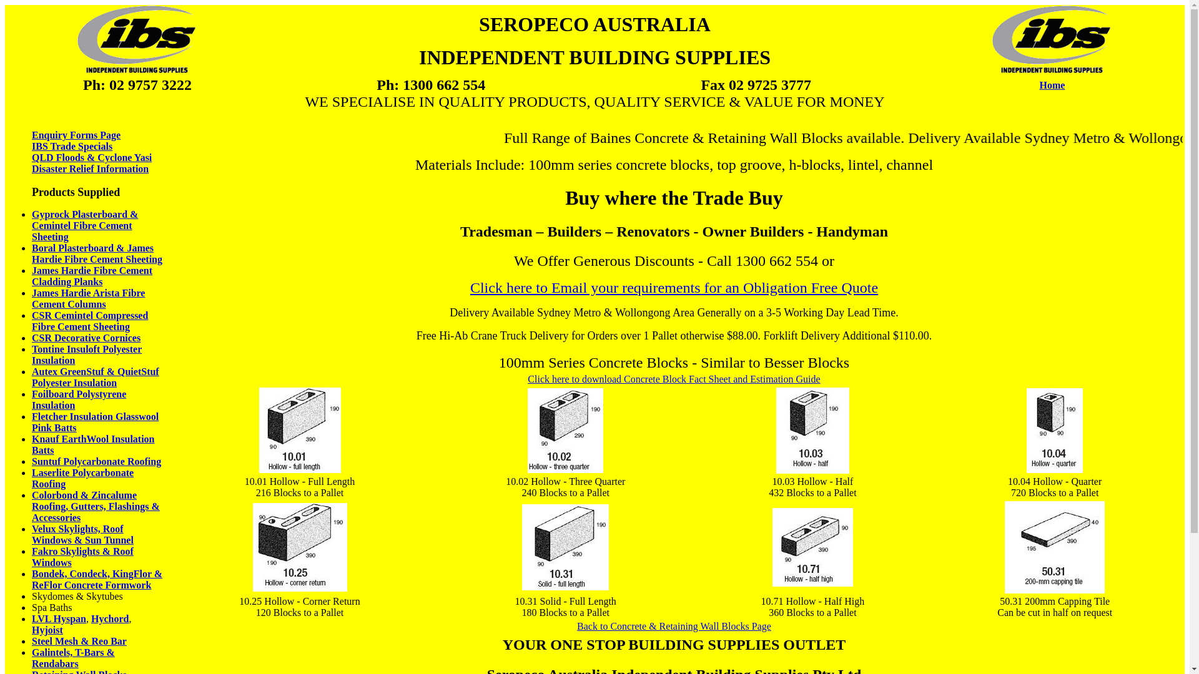 The image size is (1199, 674). I want to click on 'IBS Trade Specials', so click(75, 151).